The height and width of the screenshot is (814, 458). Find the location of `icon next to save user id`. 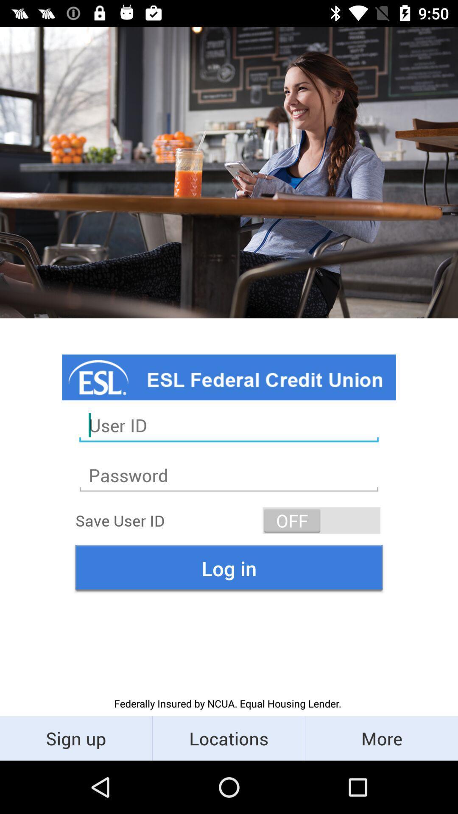

icon next to save user id is located at coordinates (321, 520).